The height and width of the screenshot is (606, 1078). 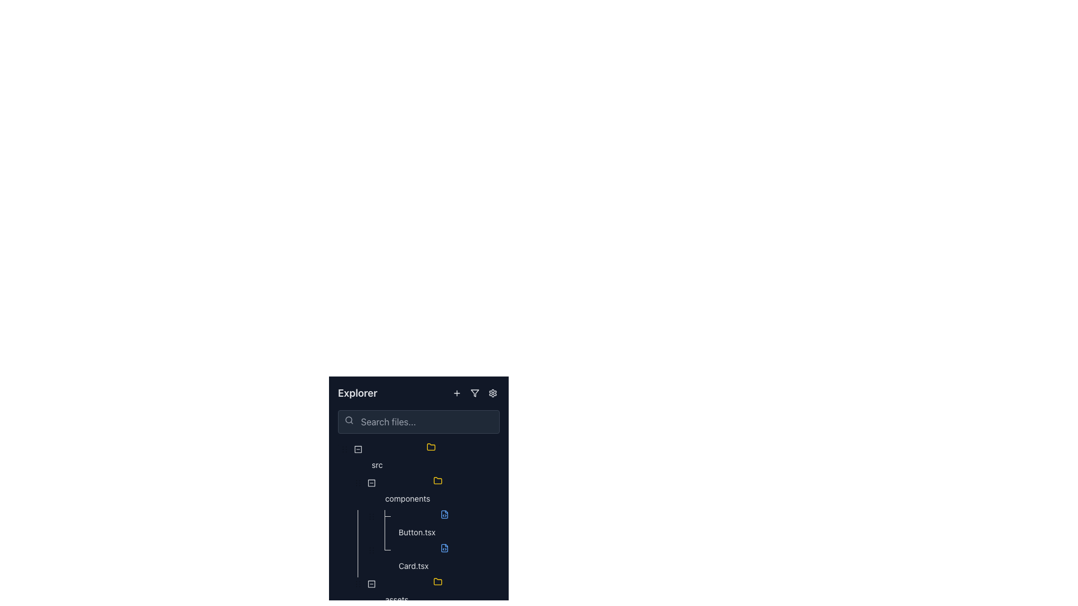 What do you see at coordinates (413, 566) in the screenshot?
I see `the text label displaying the filename 'Card.tsx' in white on a dark background` at bounding box center [413, 566].